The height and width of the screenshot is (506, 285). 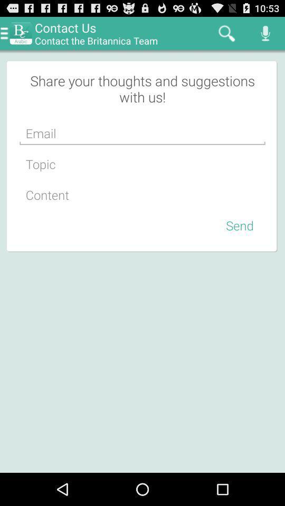 I want to click on content, so click(x=142, y=194).